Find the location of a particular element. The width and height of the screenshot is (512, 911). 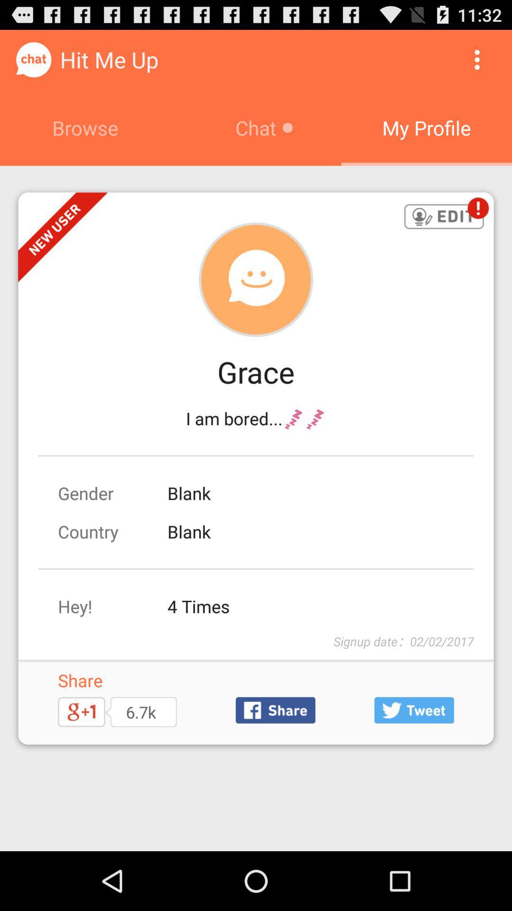

the icon below my profile item is located at coordinates (444, 217).